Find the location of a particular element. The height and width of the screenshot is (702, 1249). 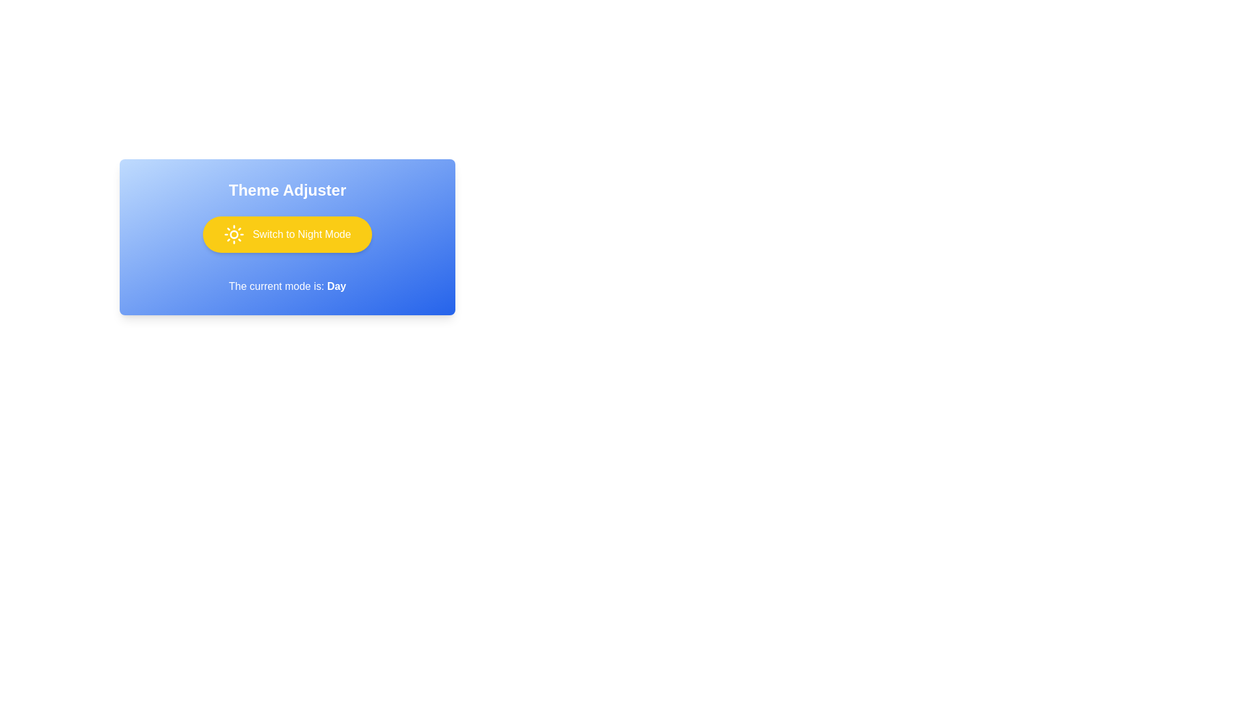

the button to observe the animation effect is located at coordinates (286, 235).